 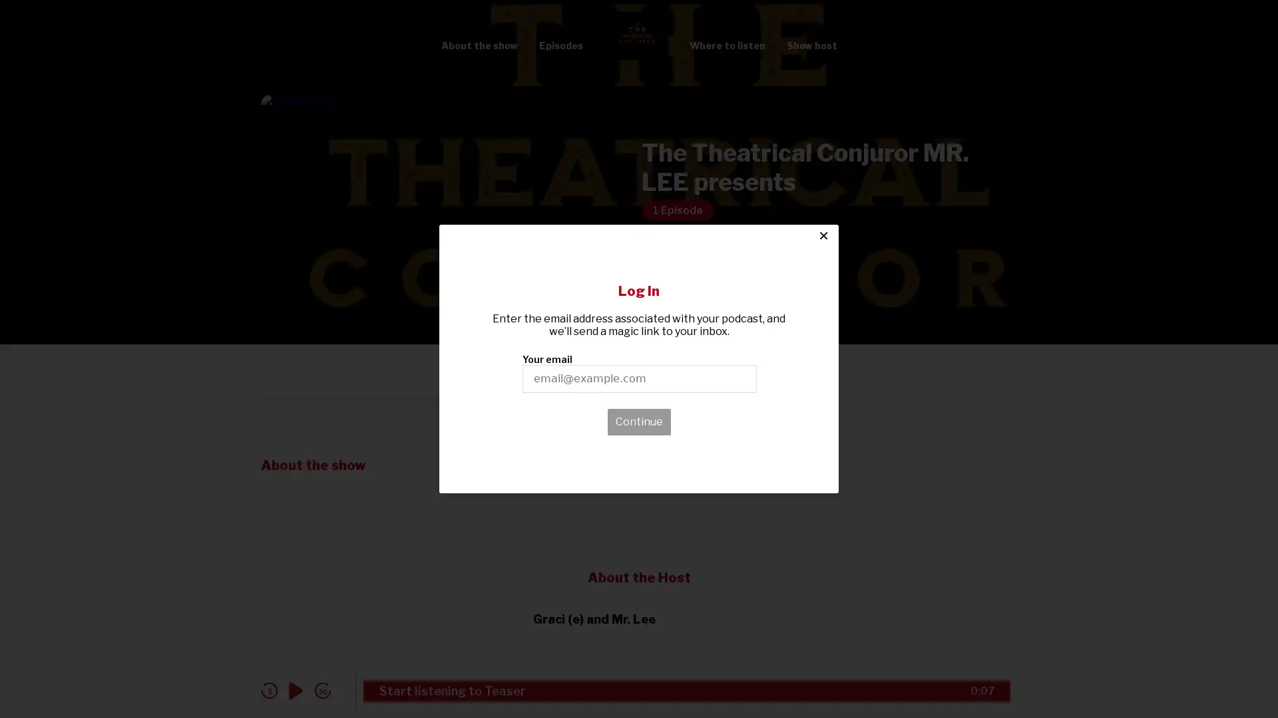 What do you see at coordinates (268, 690) in the screenshot?
I see `skip back 5 seconds` at bounding box center [268, 690].